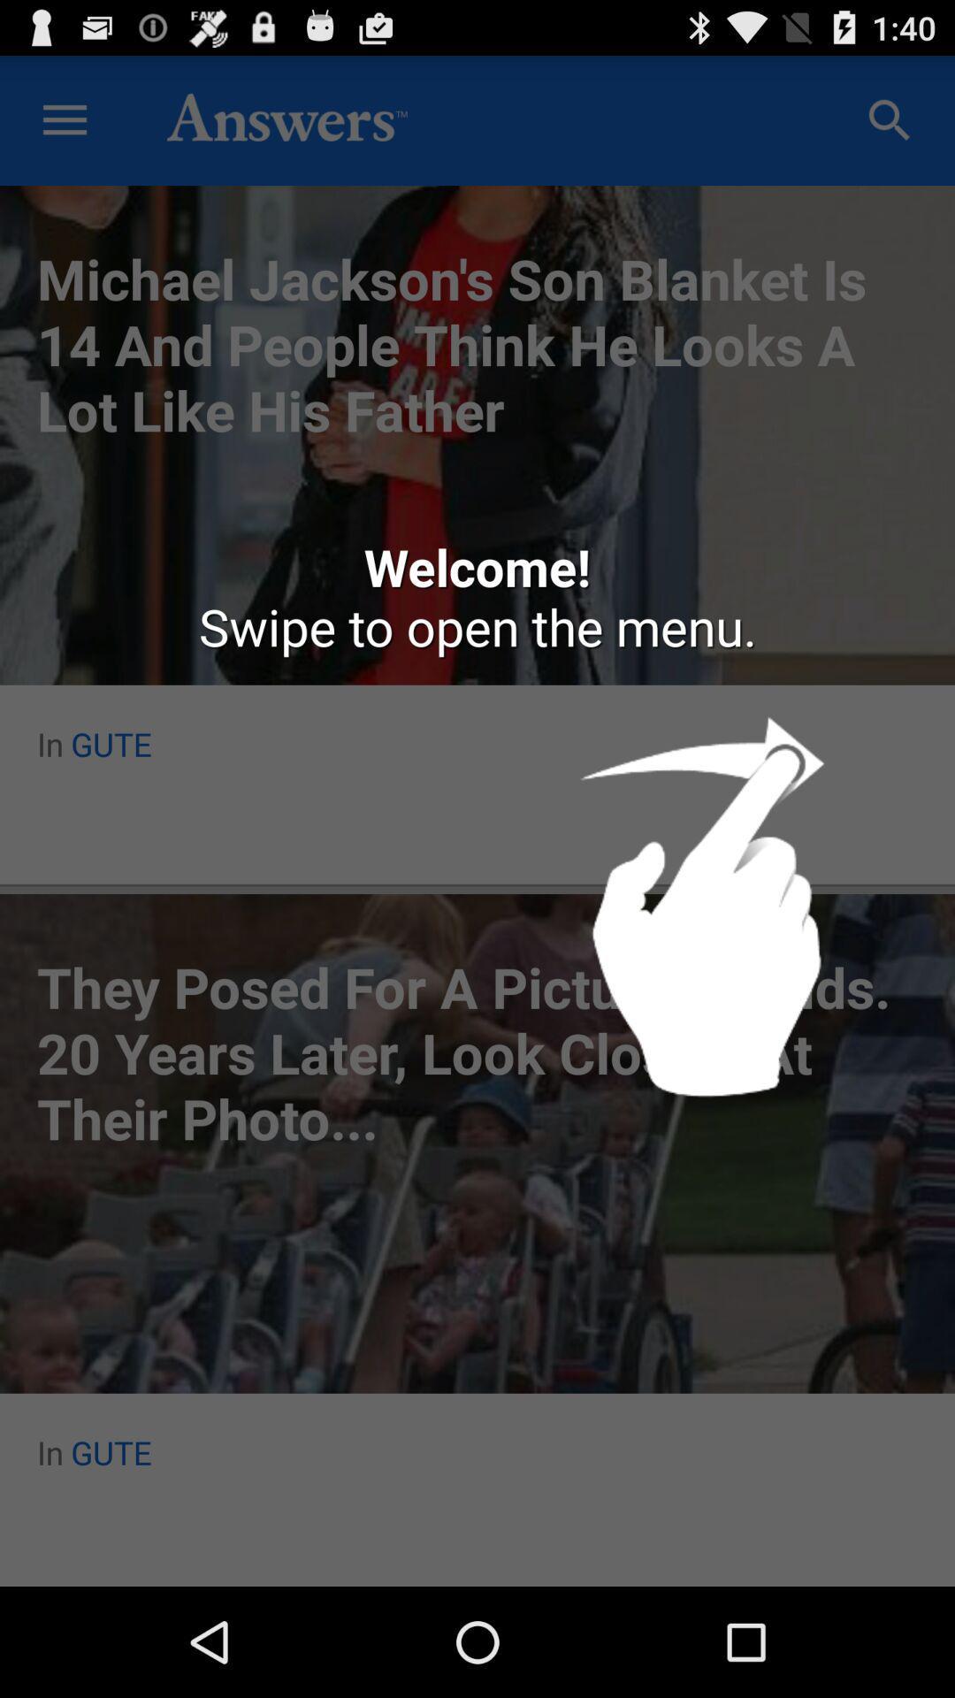  What do you see at coordinates (890, 128) in the screenshot?
I see `the search icon` at bounding box center [890, 128].